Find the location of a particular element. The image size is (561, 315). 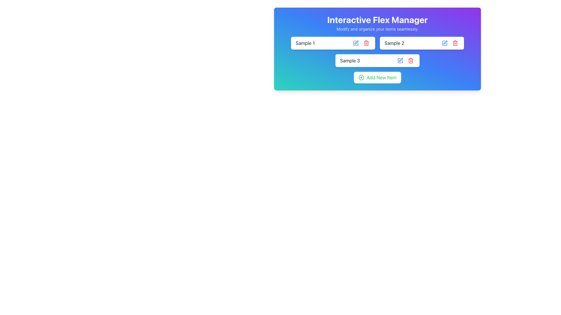

the circular plus sign icon located near the left side of the 'Add New Item' button, which is centered at the bottom of the interface is located at coordinates (361, 77).